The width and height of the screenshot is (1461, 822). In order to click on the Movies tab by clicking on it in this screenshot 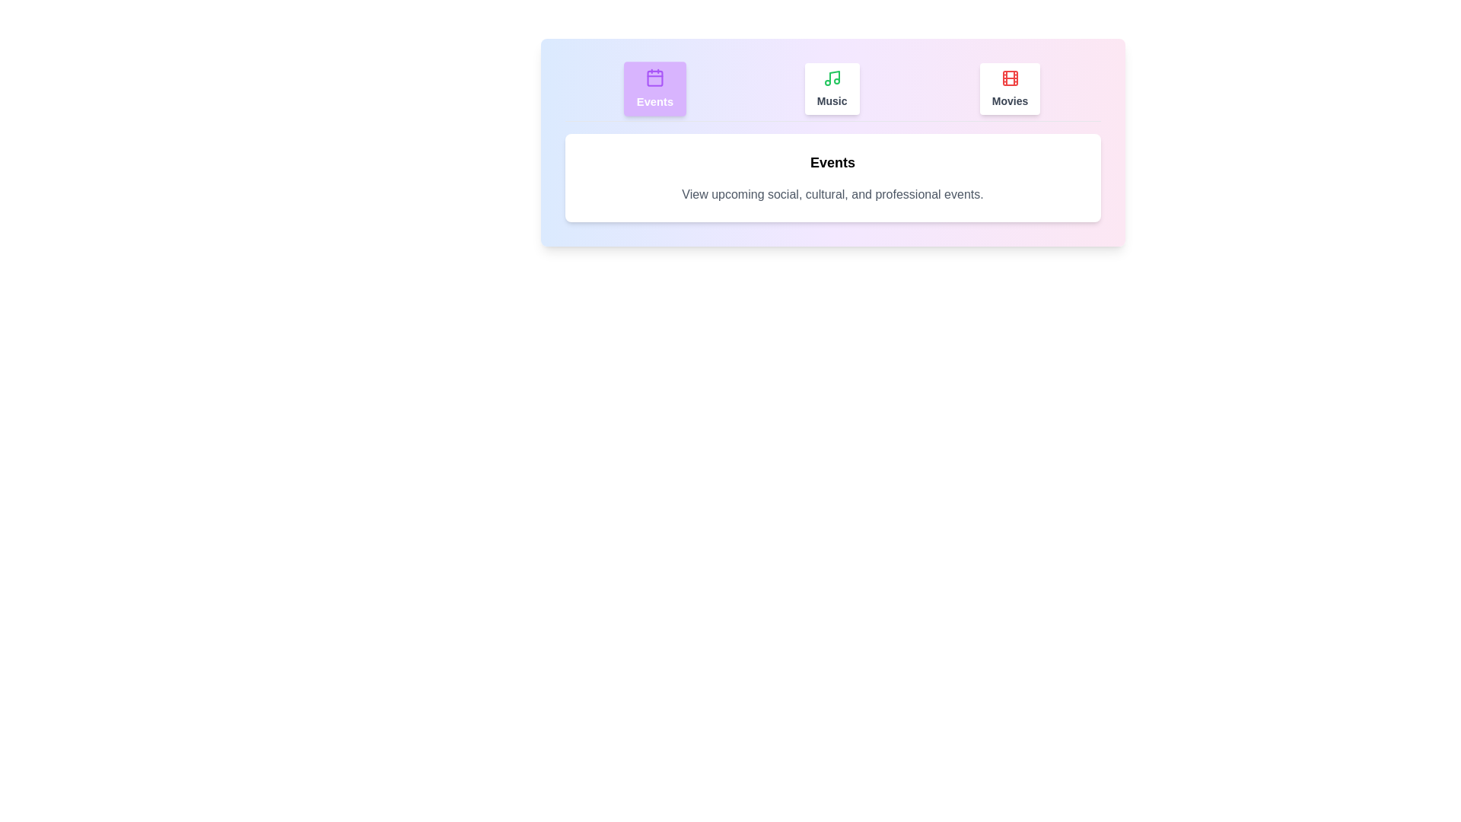, I will do `click(1010, 88)`.